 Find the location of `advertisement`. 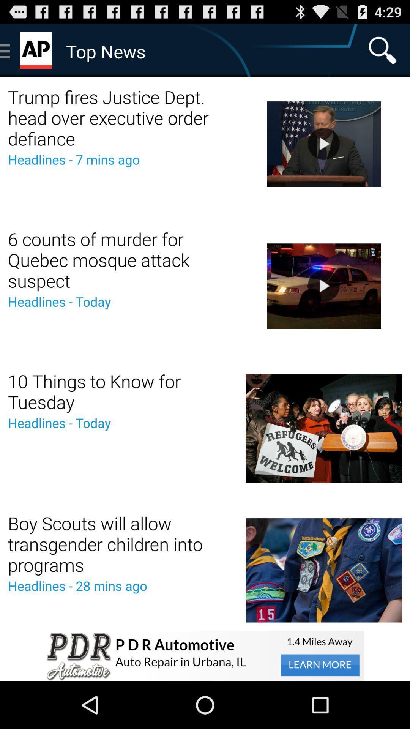

advertisement is located at coordinates (205, 656).